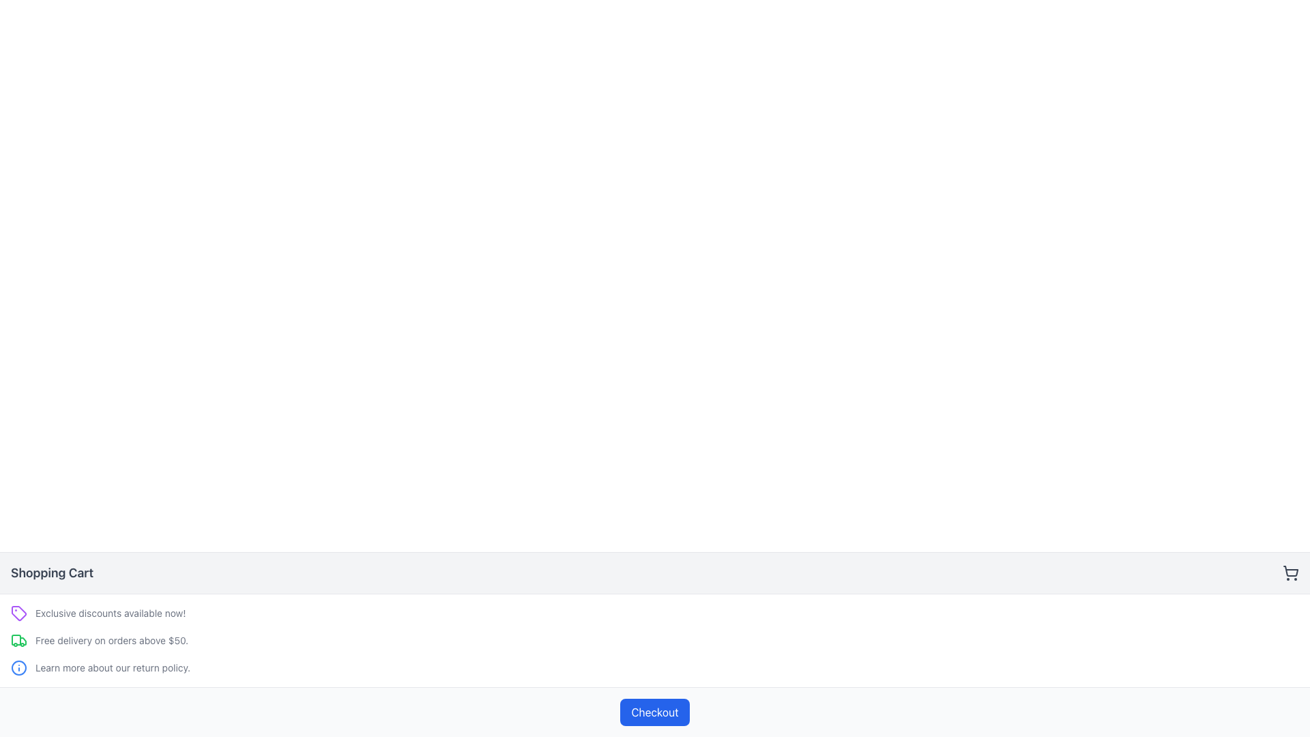 The height and width of the screenshot is (737, 1310). Describe the element at coordinates (19, 612) in the screenshot. I see `the discount icon located on the left side of the text 'Exclusive discounts available now!' in the Shopping Cart section` at that location.